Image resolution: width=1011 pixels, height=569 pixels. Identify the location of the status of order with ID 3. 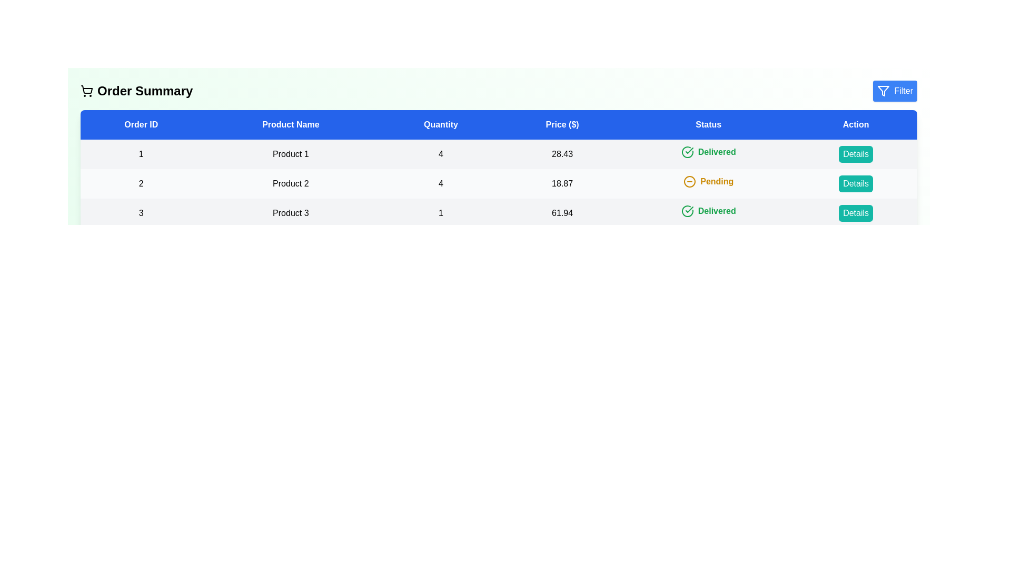
(708, 211).